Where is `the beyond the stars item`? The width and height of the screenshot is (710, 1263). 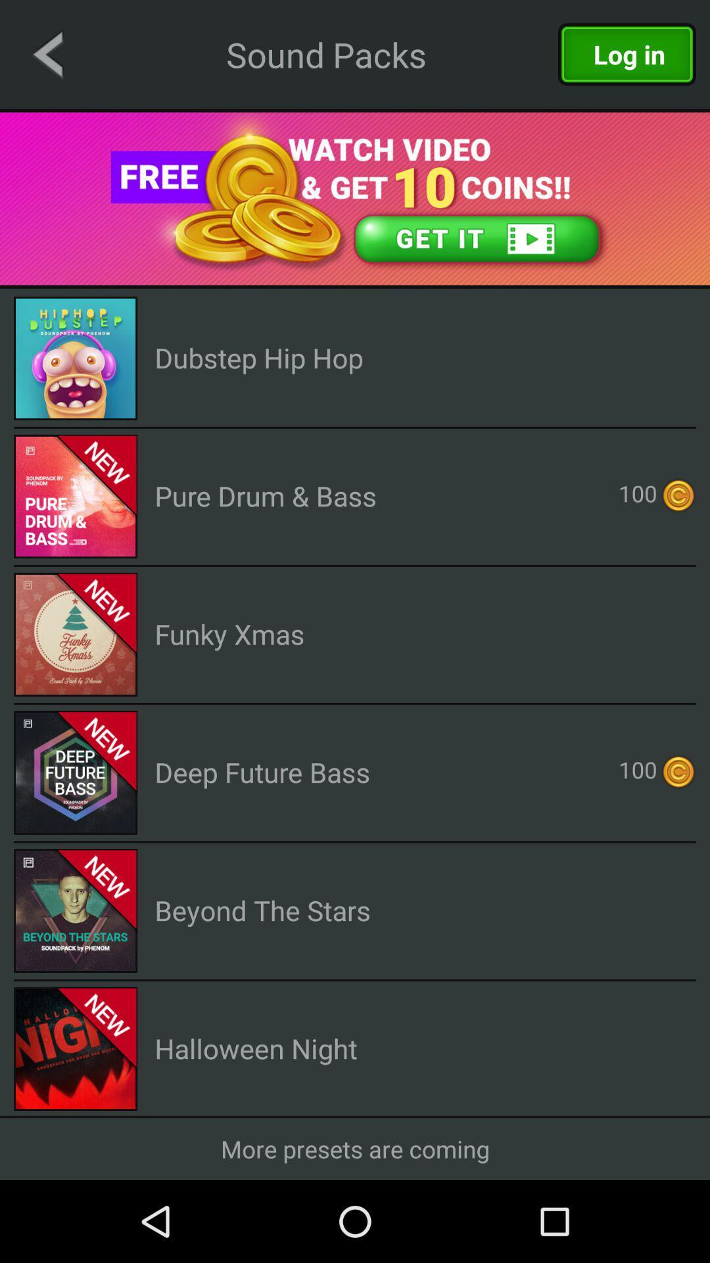
the beyond the stars item is located at coordinates (262, 909).